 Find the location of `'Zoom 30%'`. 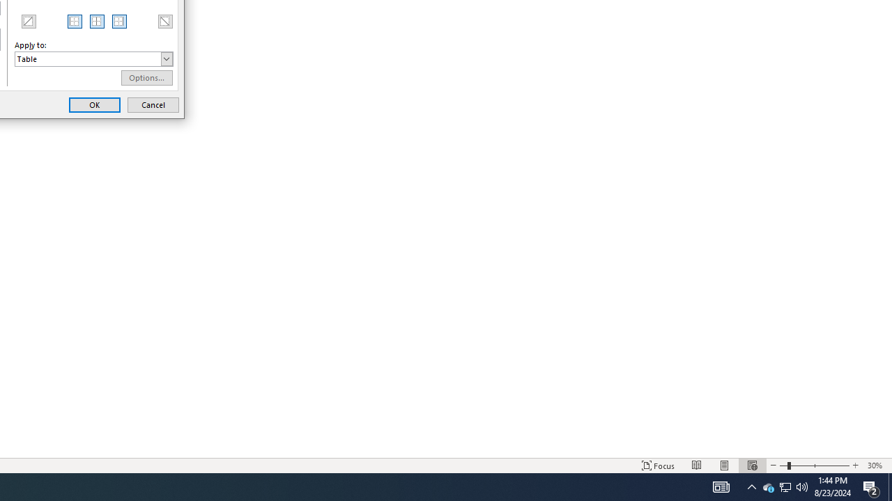

'Zoom 30%' is located at coordinates (876, 466).